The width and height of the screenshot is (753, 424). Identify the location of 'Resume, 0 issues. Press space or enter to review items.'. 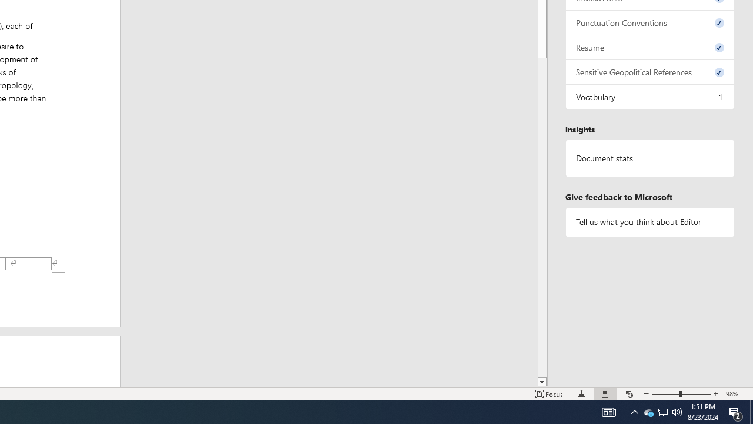
(649, 47).